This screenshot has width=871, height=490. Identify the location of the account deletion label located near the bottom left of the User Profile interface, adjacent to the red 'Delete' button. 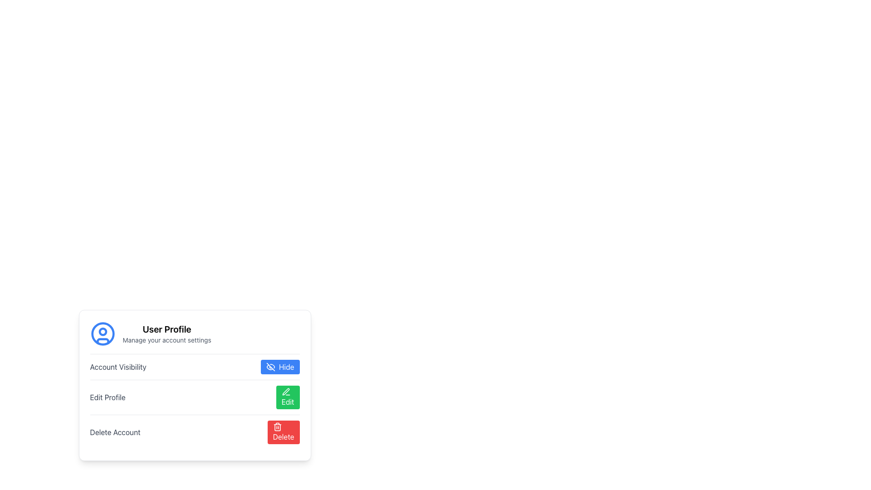
(115, 431).